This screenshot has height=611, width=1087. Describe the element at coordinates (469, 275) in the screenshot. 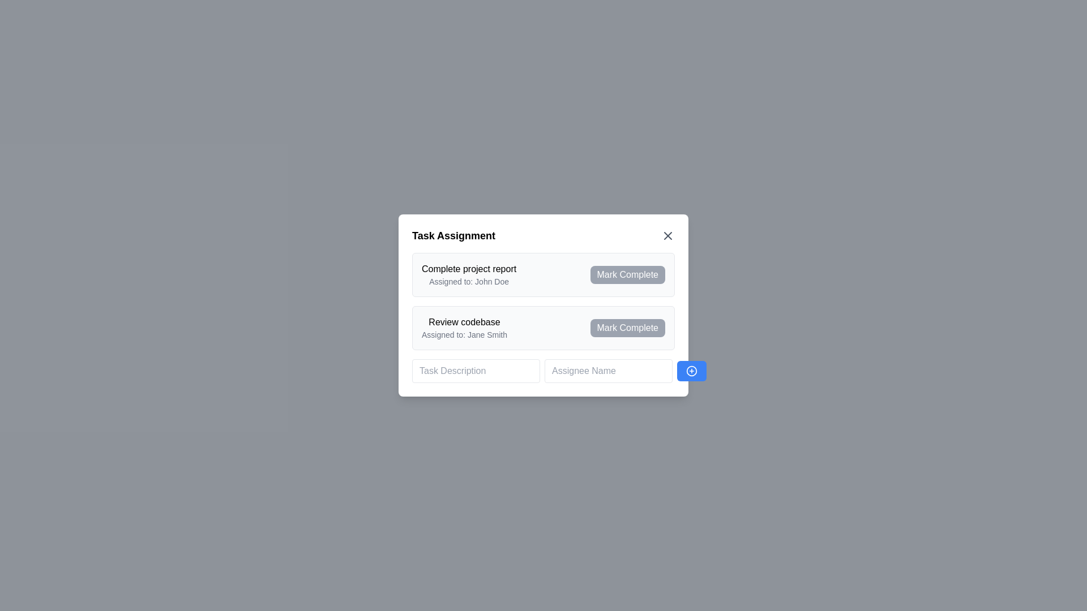

I see `the task title 'Complete project report' displayed in bold, which is aligned to the left of the task card and positioned above the 'Mark Complete' button` at that location.